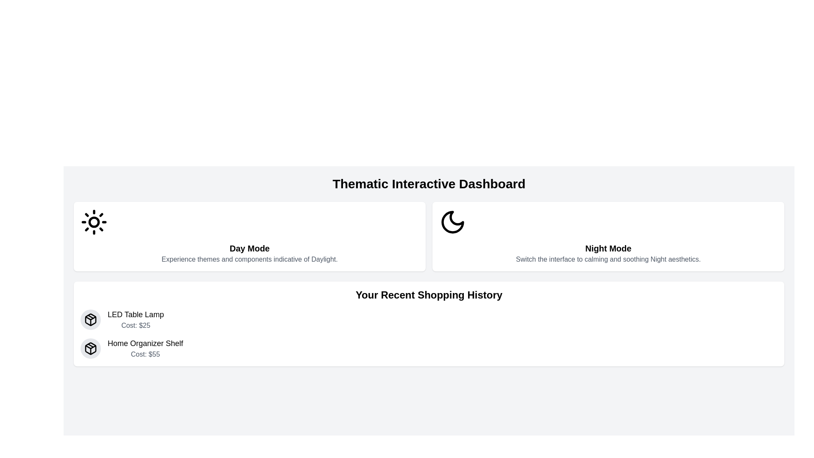 The height and width of the screenshot is (458, 814). I want to click on the second interactive card in the top-right section of the grid under 'Thematic Interactive Dashboard', so click(608, 237).